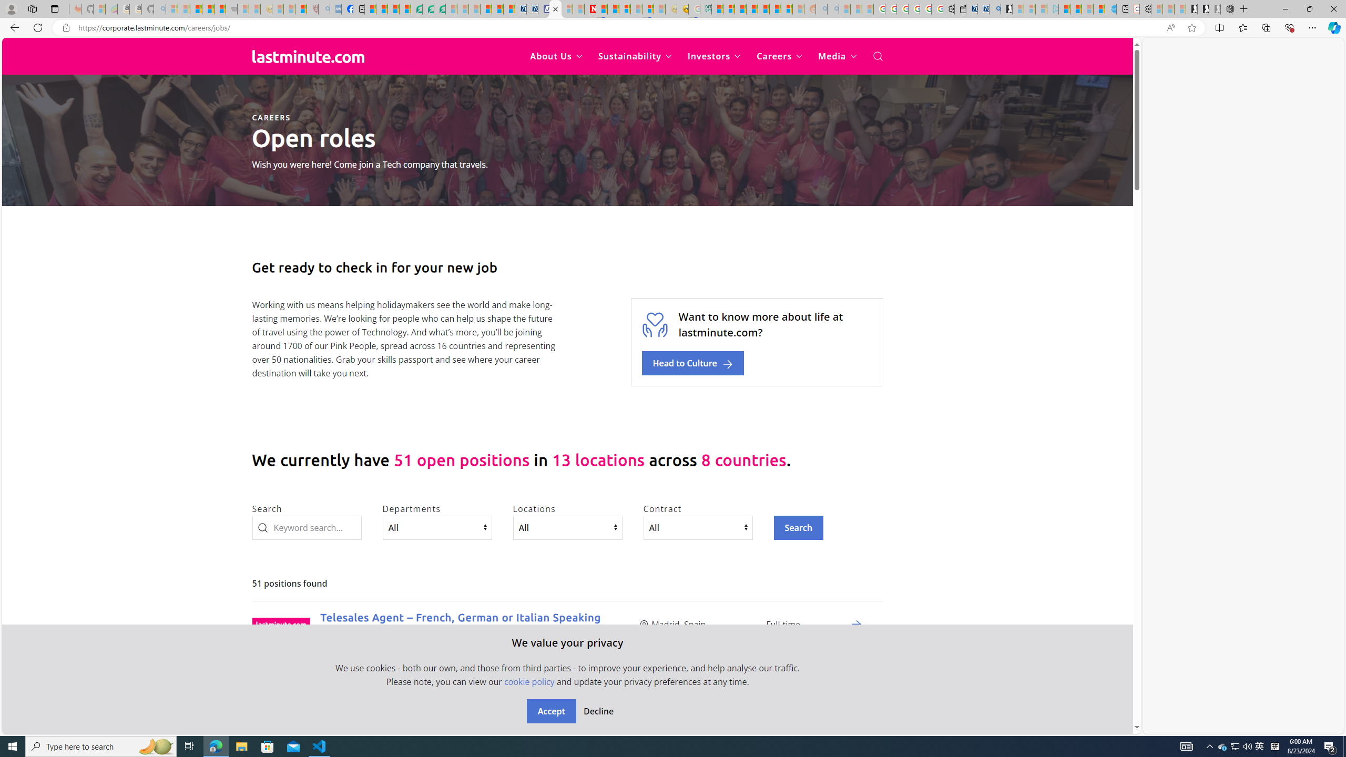  What do you see at coordinates (1110, 8) in the screenshot?
I see `'Home | Sky Blue Bikes - Sky Blue Bikes'` at bounding box center [1110, 8].